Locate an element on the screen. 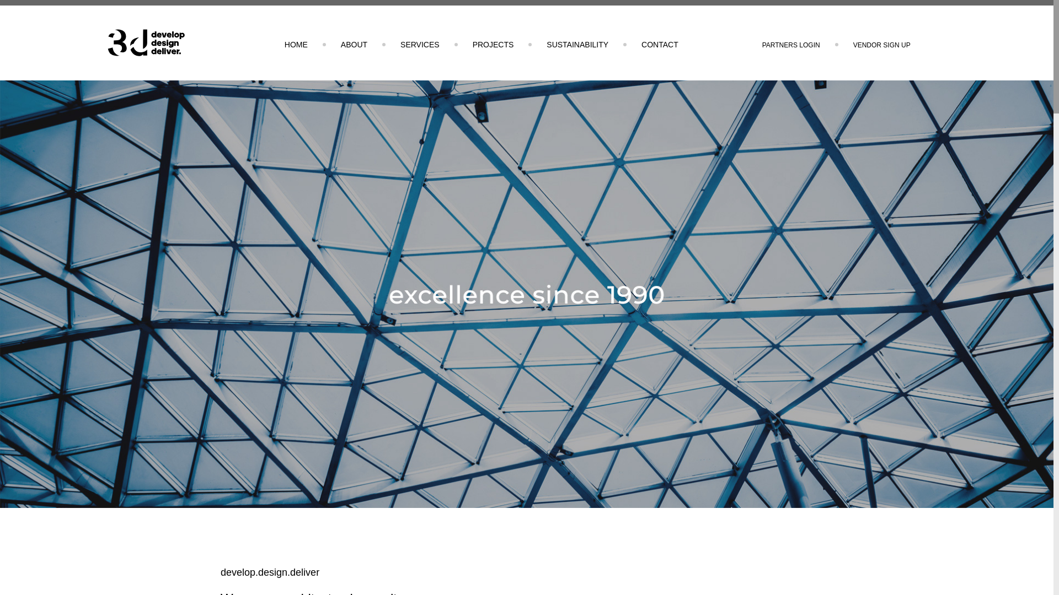 This screenshot has height=595, width=1059. 'VENDOR SIGN UP' is located at coordinates (852, 44).